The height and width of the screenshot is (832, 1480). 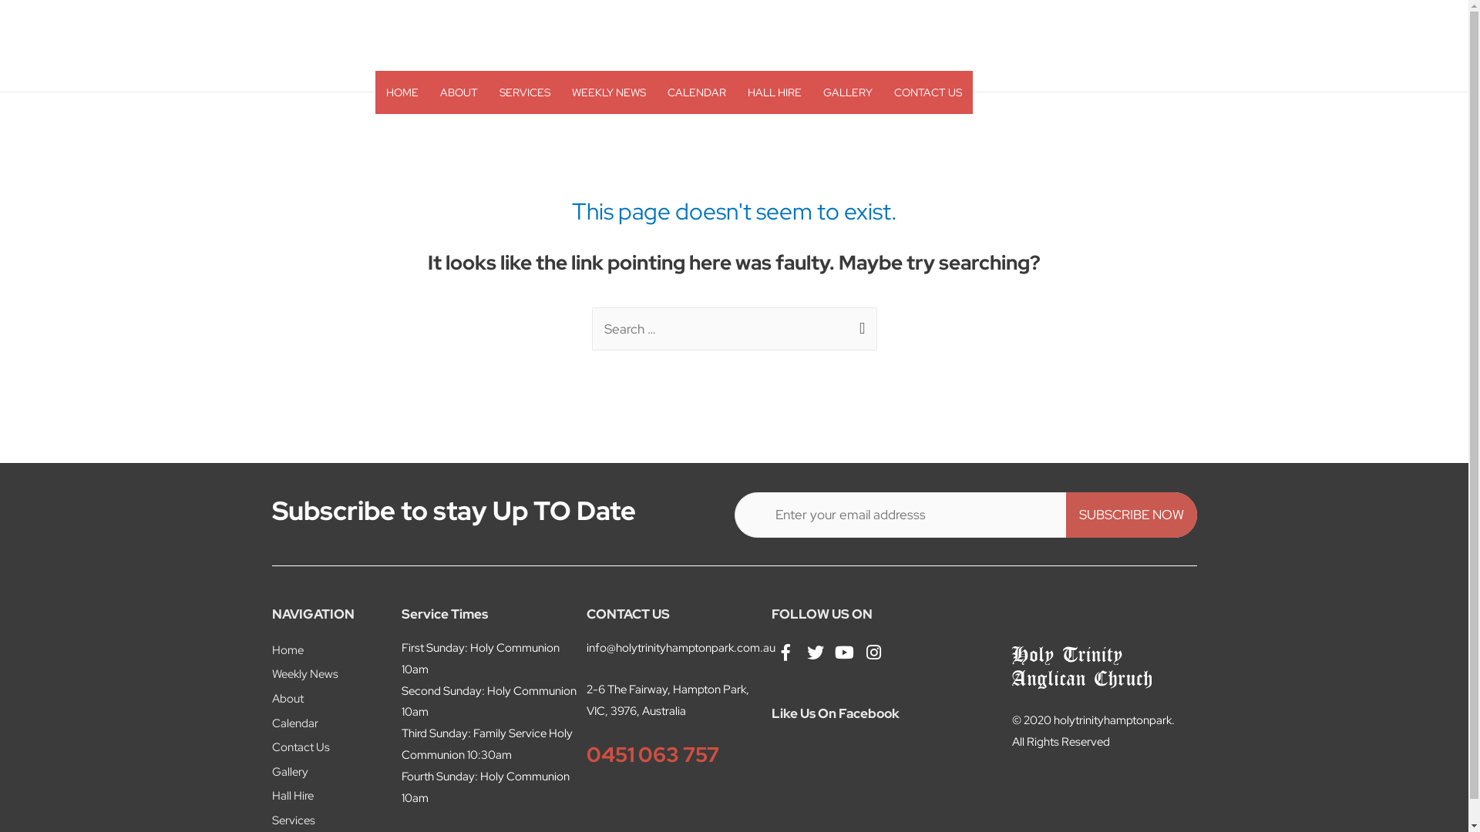 I want to click on 'YouTube', so click(x=843, y=653).